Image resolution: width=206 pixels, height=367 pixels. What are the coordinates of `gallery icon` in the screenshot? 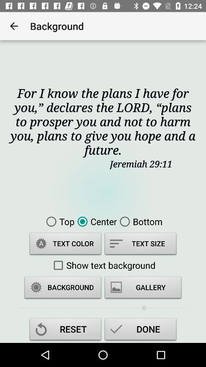 It's located at (143, 288).